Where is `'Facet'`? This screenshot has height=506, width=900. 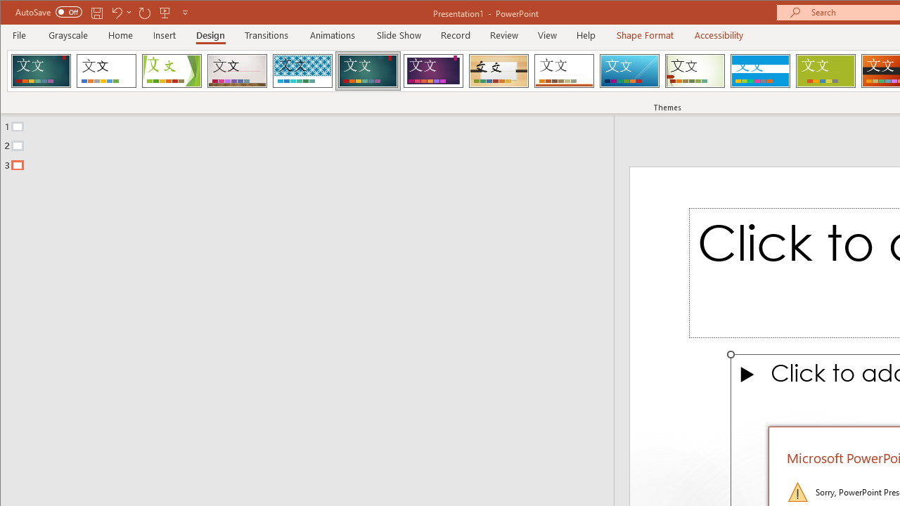
'Facet' is located at coordinates (171, 70).